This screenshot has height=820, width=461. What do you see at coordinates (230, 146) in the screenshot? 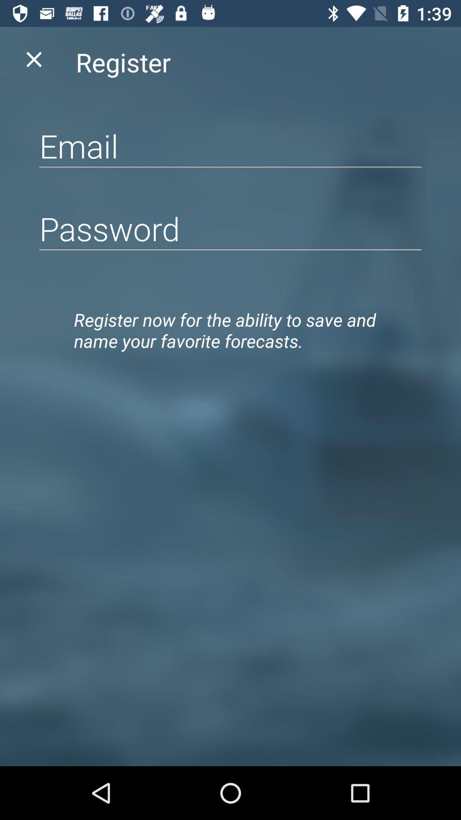
I see `the item below the register icon` at bounding box center [230, 146].